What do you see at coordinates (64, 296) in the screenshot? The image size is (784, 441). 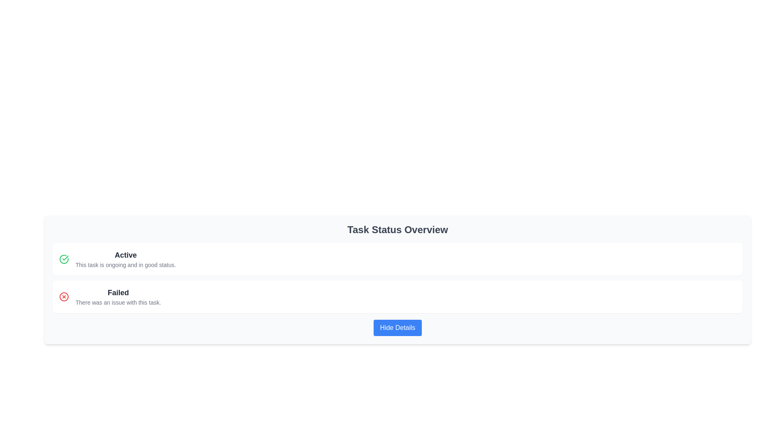 I see `the error indication icon located to the left of the 'Failed' label in the task overview` at bounding box center [64, 296].